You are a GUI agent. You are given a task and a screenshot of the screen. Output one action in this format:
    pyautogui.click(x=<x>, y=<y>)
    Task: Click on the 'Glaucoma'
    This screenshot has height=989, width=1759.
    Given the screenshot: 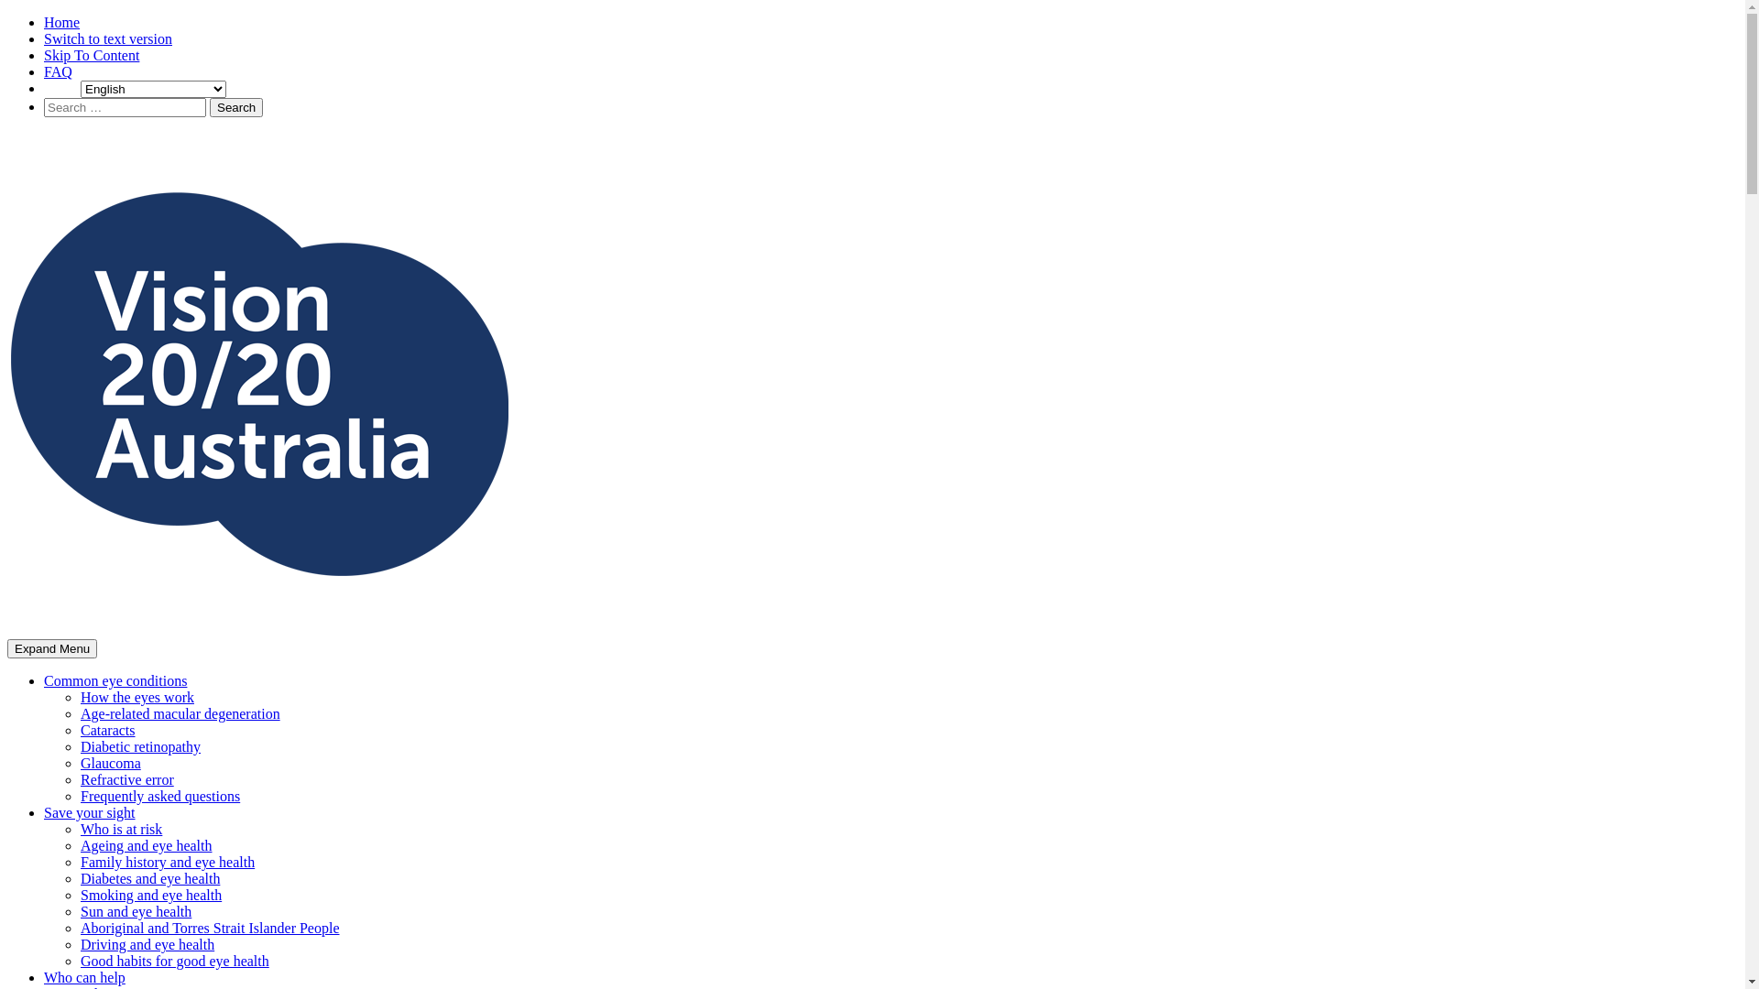 What is the action you would take?
    pyautogui.click(x=109, y=763)
    